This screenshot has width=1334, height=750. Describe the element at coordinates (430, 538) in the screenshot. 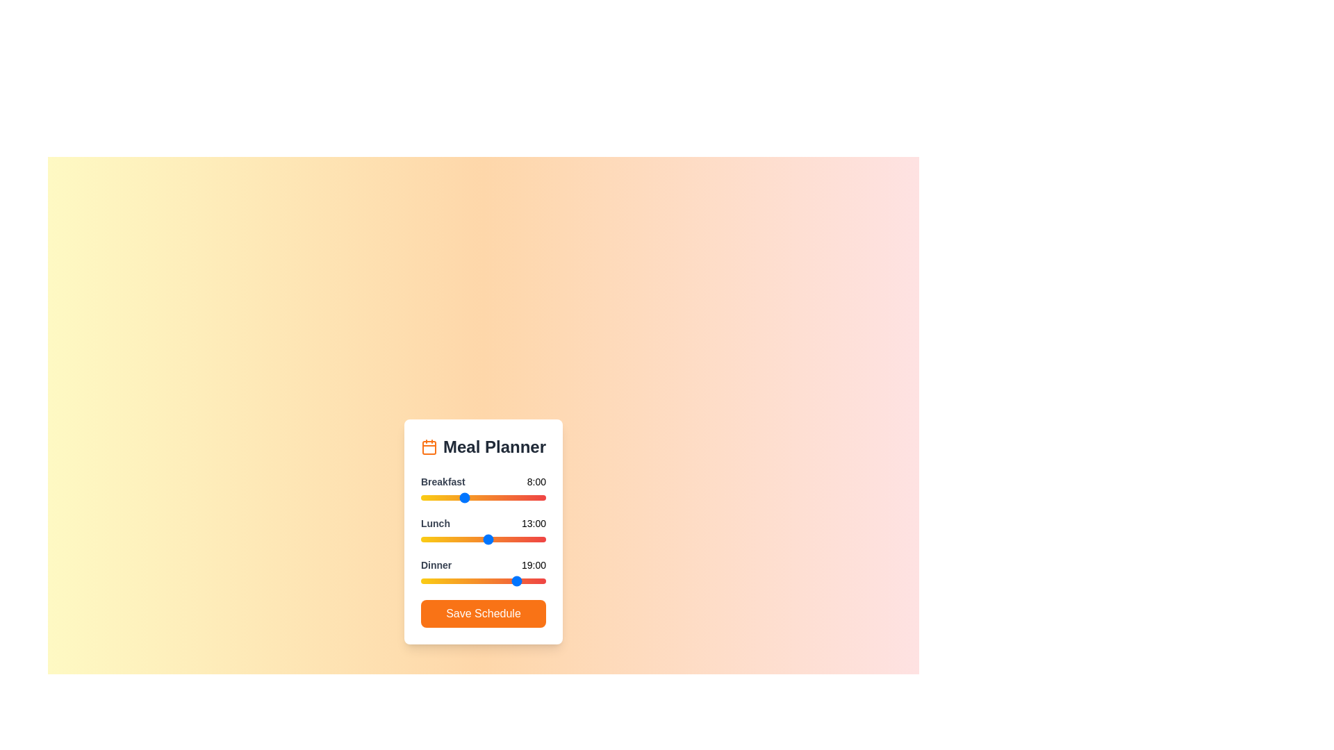

I see `the 1 slider to 2` at that location.